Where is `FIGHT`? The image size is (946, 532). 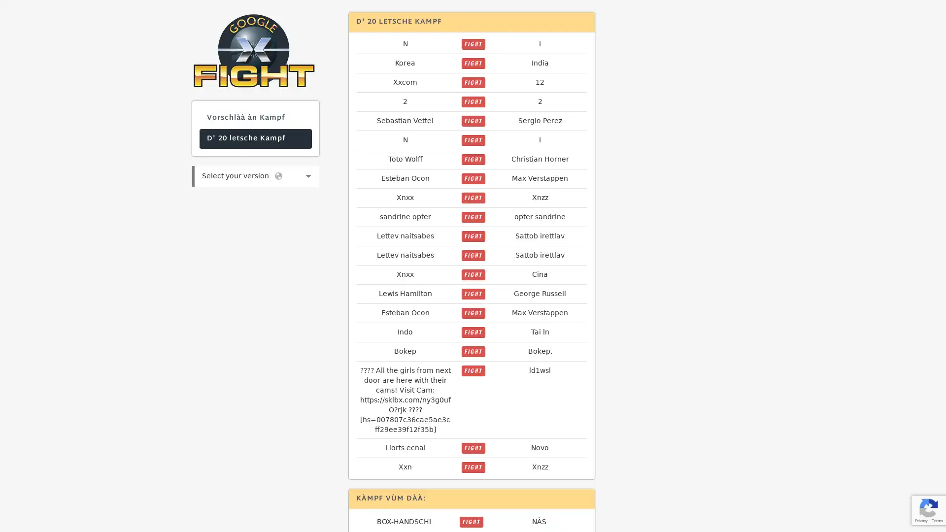
FIGHT is located at coordinates (473, 255).